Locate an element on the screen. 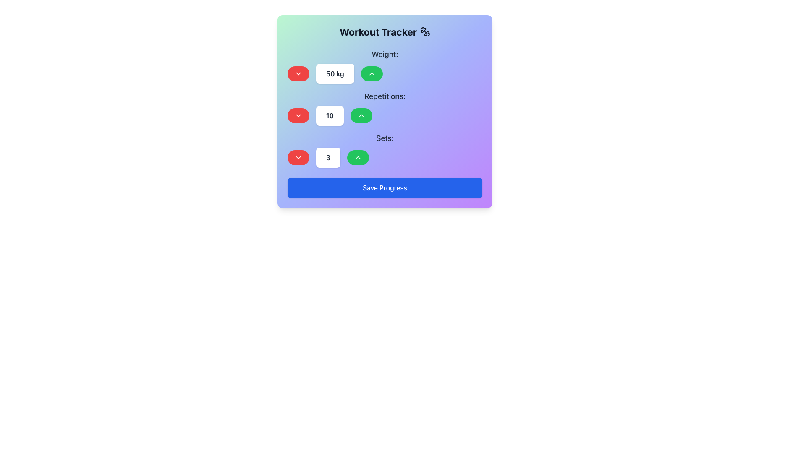  the downward pointing chevron icon styled as a red circular button located to the left of the 'Weight:' input field for visual effects is located at coordinates (298, 73).